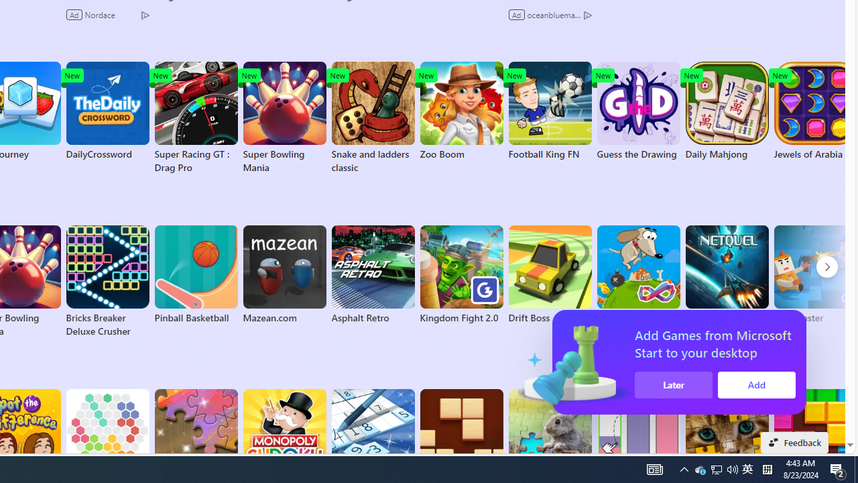 The width and height of the screenshot is (858, 483). What do you see at coordinates (107, 110) in the screenshot?
I see `'DailyCrossword'` at bounding box center [107, 110].